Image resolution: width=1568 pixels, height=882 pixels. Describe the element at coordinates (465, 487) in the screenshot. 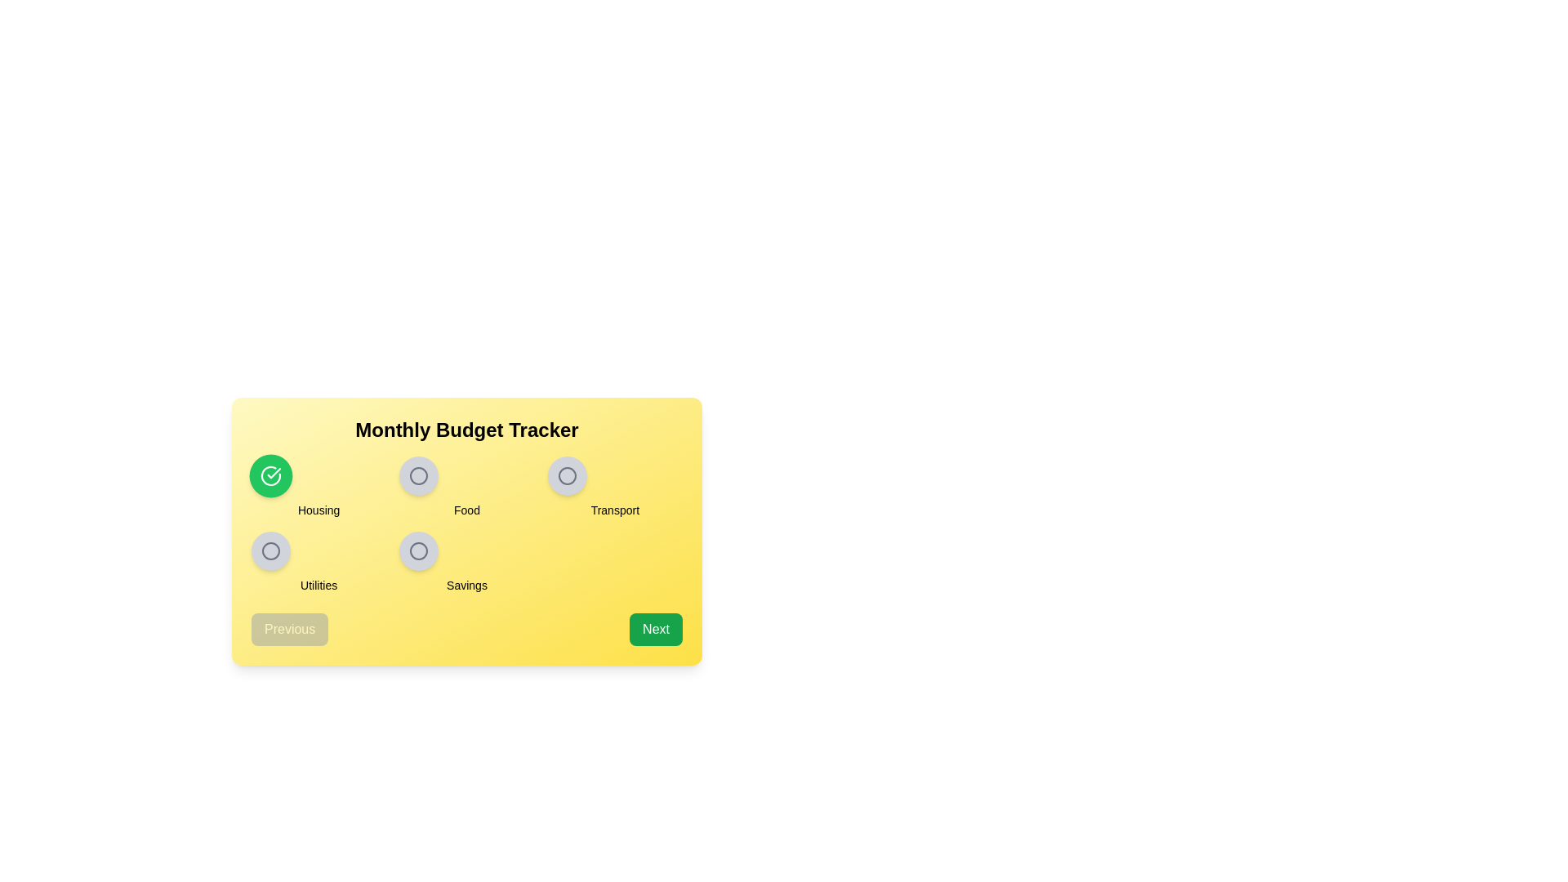

I see `the non-interactive text label paired with a circular icon representing the category 'Food', located in the middle column of the 3-column grid layout` at that location.